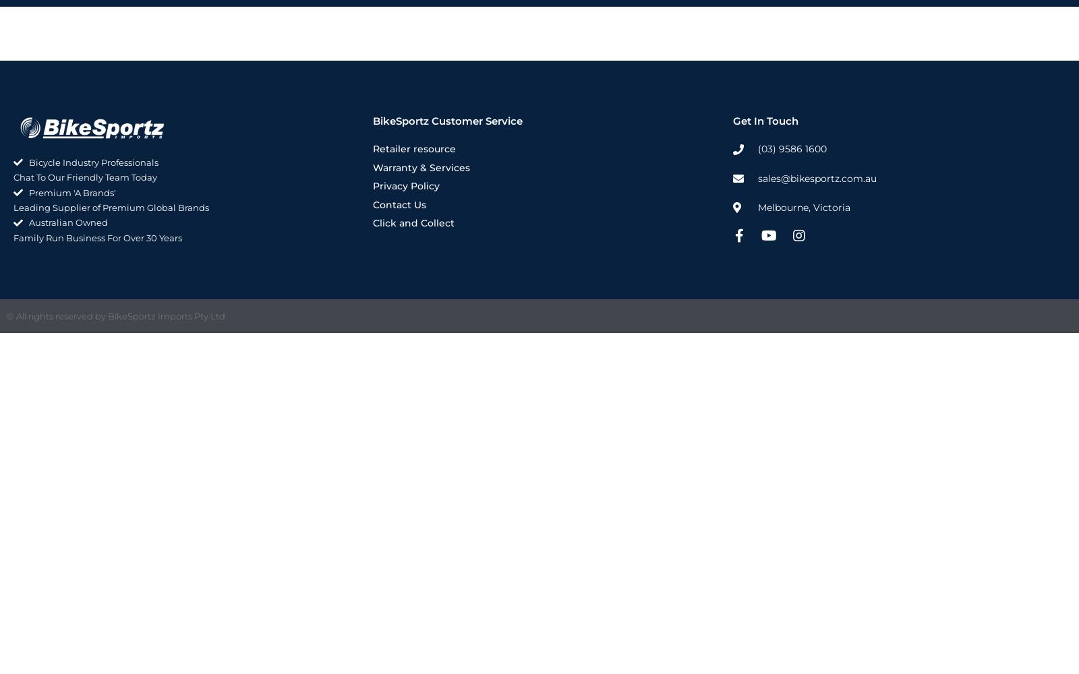 The image size is (1079, 674). What do you see at coordinates (67, 222) in the screenshot?
I see `'Australian Owned'` at bounding box center [67, 222].